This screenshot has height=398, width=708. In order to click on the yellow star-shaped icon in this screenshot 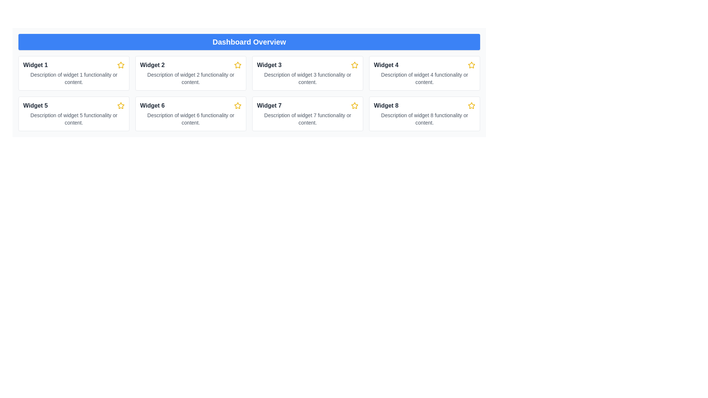, I will do `click(354, 105)`.